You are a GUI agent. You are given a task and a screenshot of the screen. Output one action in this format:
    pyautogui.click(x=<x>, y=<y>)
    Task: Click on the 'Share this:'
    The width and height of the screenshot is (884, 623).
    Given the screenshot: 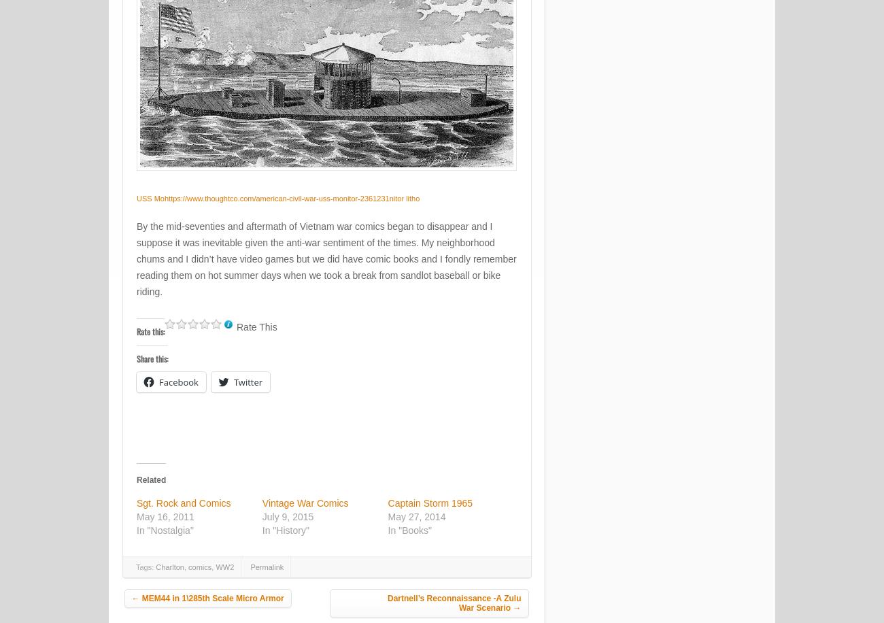 What is the action you would take?
    pyautogui.click(x=151, y=357)
    